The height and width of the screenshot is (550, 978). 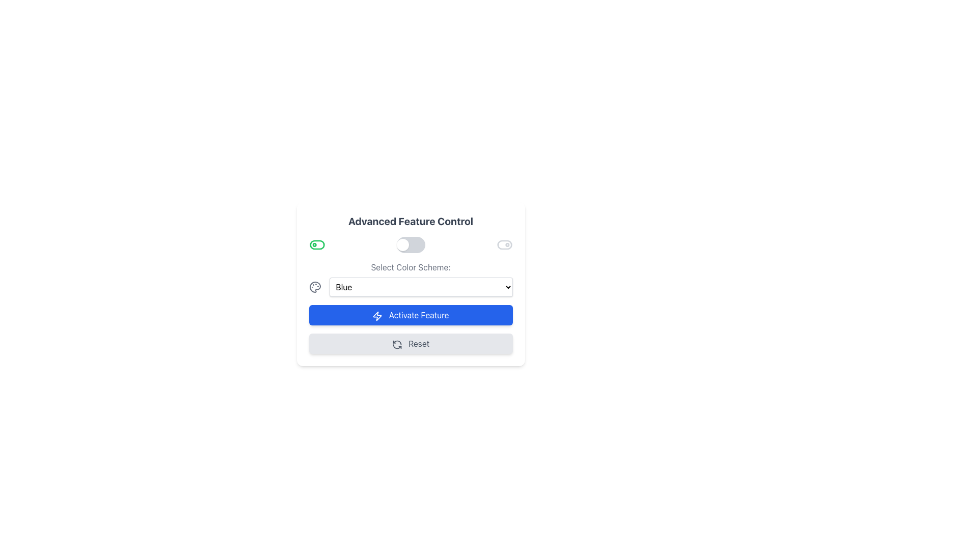 I want to click on the toggle switch icon styled in gray, located at the far right of the top section in the 'Advanced Feature Control' interface, so click(x=504, y=245).